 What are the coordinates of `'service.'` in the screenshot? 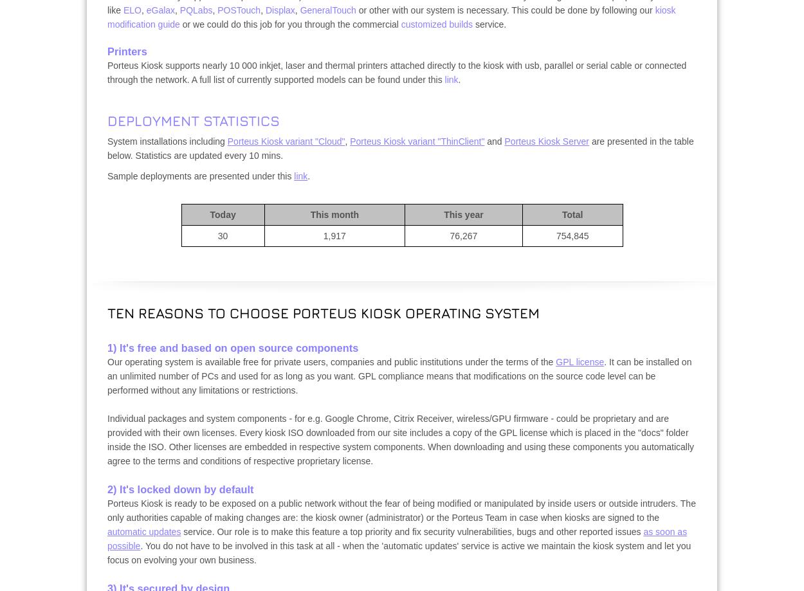 It's located at (489, 24).